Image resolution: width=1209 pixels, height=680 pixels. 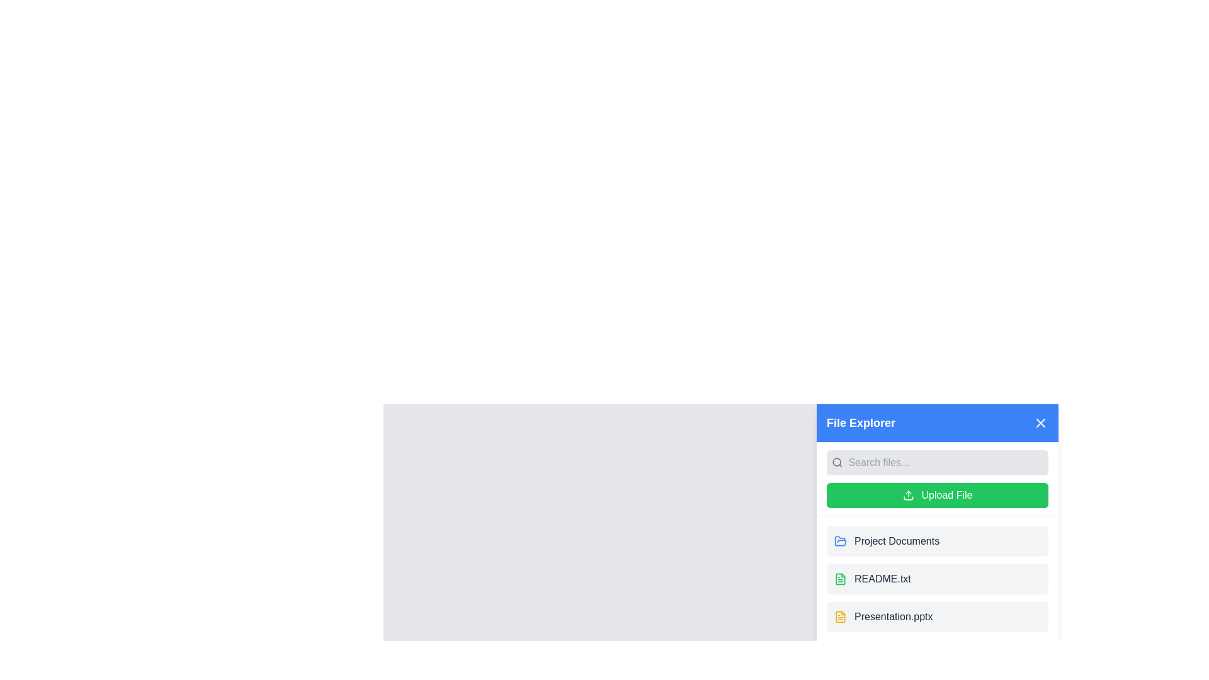 I want to click on the 'README.txt' text label, so click(x=882, y=579).